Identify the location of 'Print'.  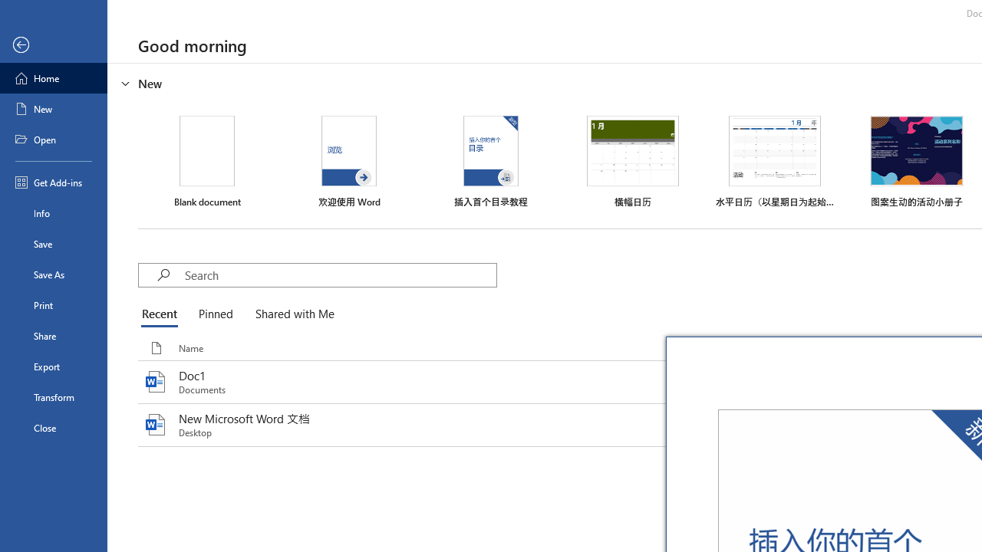
(53, 305).